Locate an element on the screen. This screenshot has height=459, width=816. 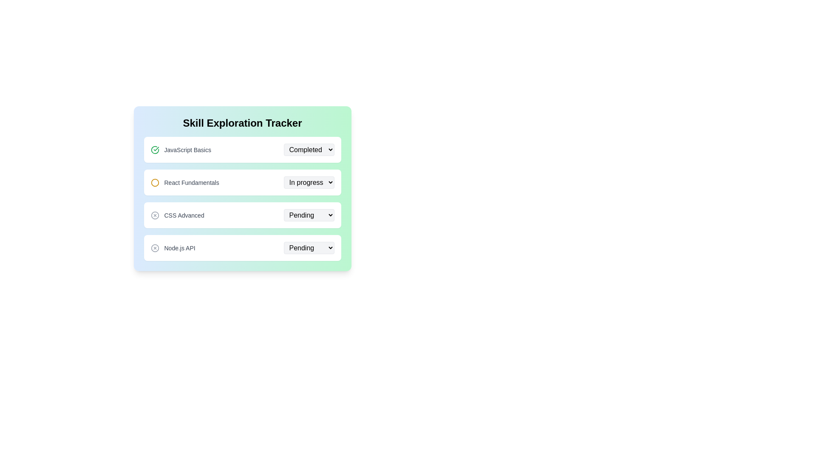
the green circular 'circle-check' icon that represents the 'JavaScript Basics' skill, located to the left of the skill name in the first row is located at coordinates (155, 149).